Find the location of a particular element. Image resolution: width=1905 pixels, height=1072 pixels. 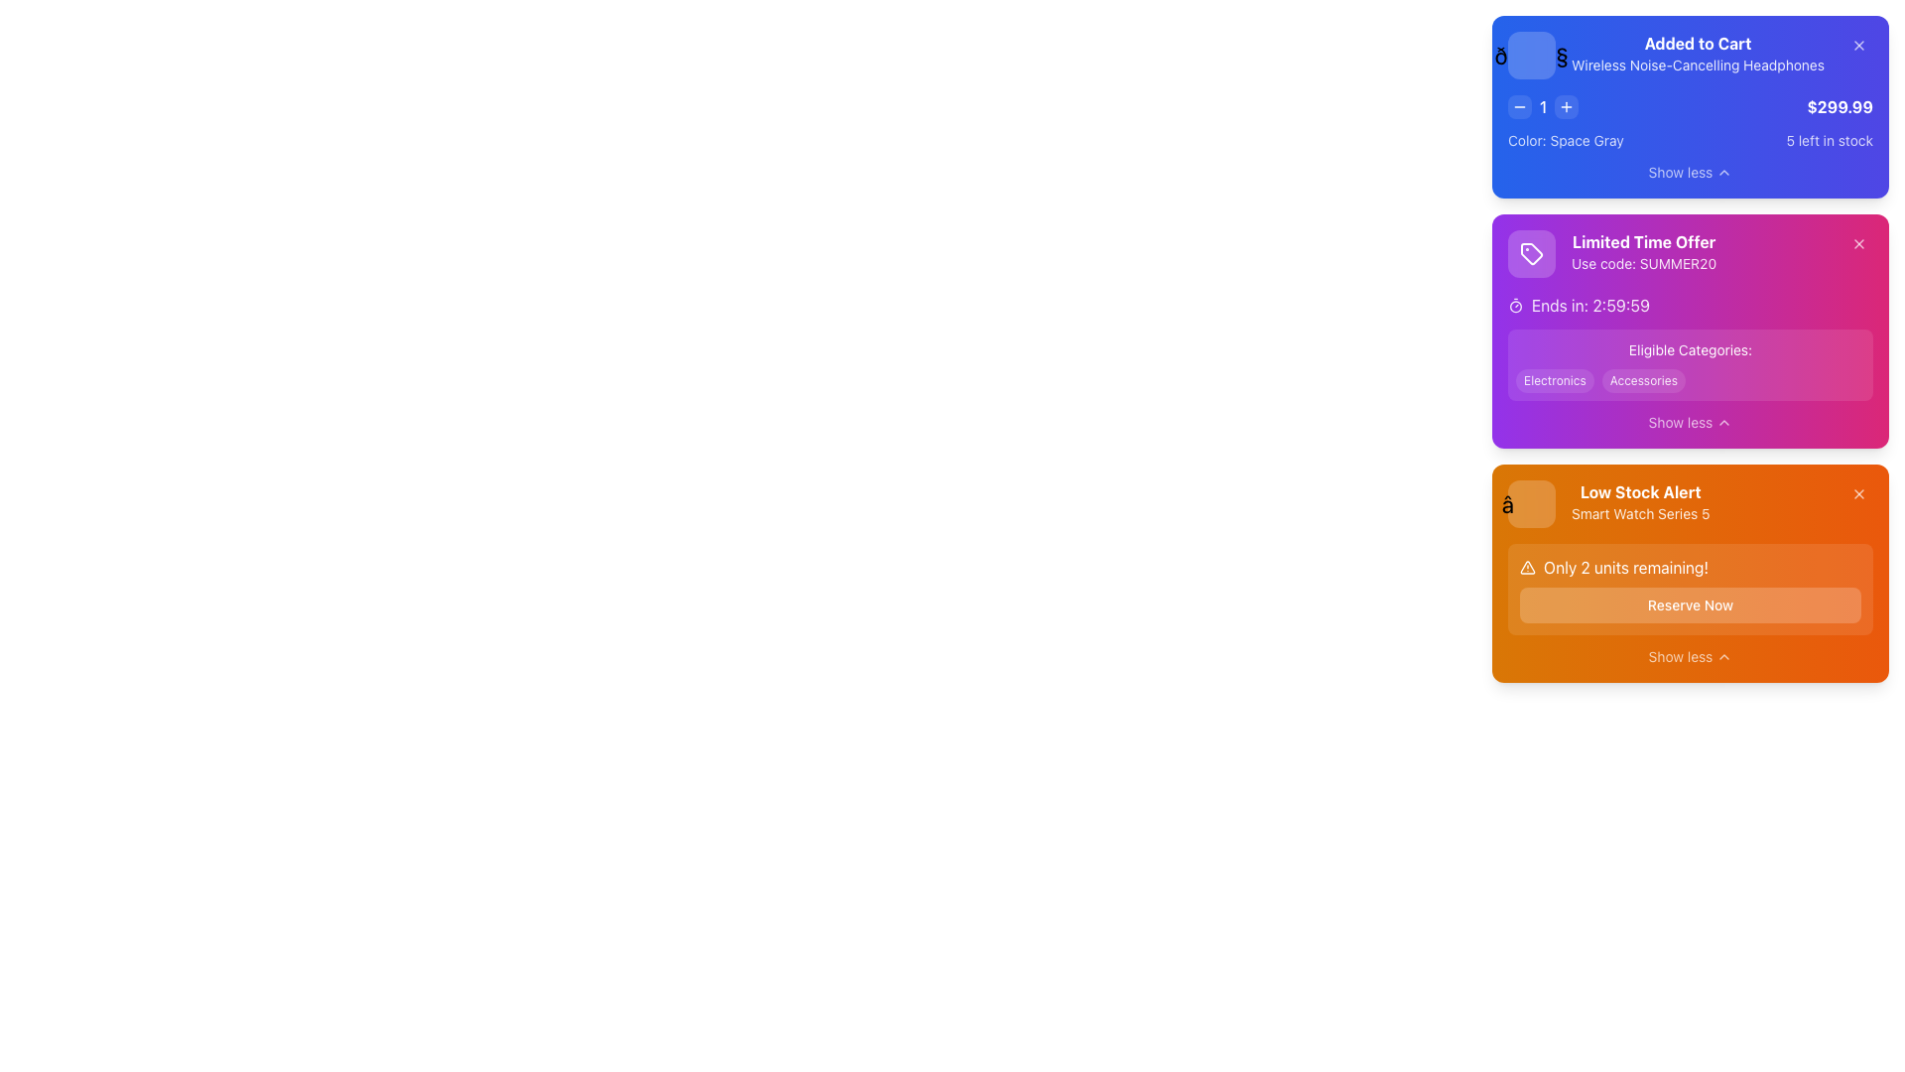

promotional message displayed in the text label that includes the discount code 'SUMMER20', located at the top-left corner of the middle card in the vertically stacked layout is located at coordinates (1612, 252).